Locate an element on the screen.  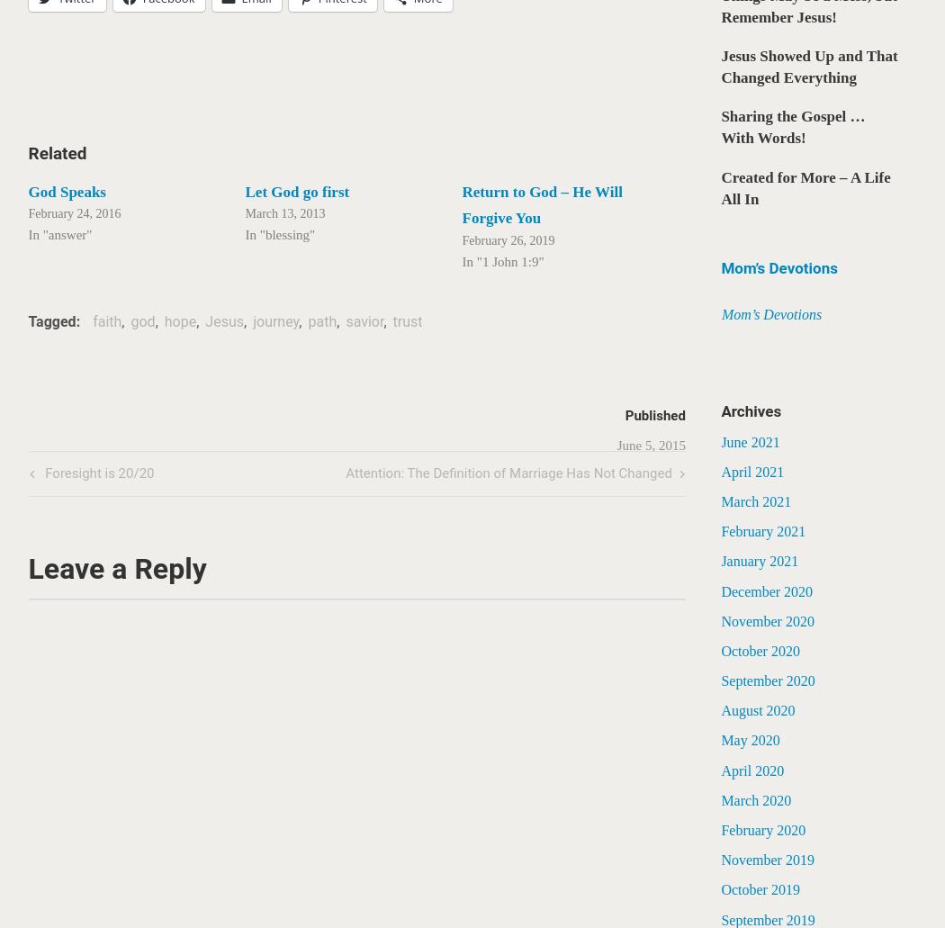
'faith' is located at coordinates (105, 320).